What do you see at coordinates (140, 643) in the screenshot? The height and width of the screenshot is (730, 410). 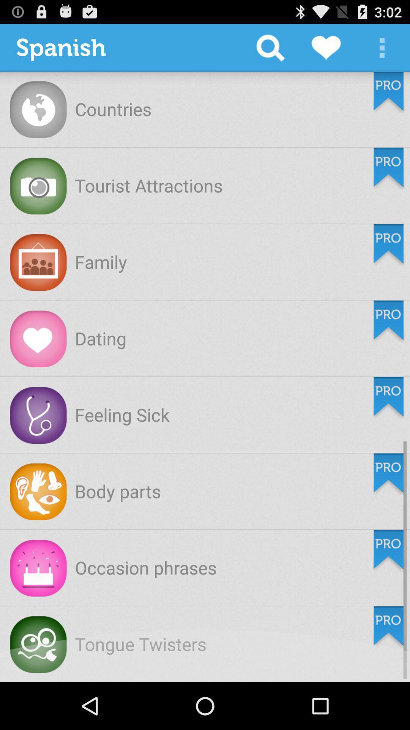 I see `tongue twisters` at bounding box center [140, 643].